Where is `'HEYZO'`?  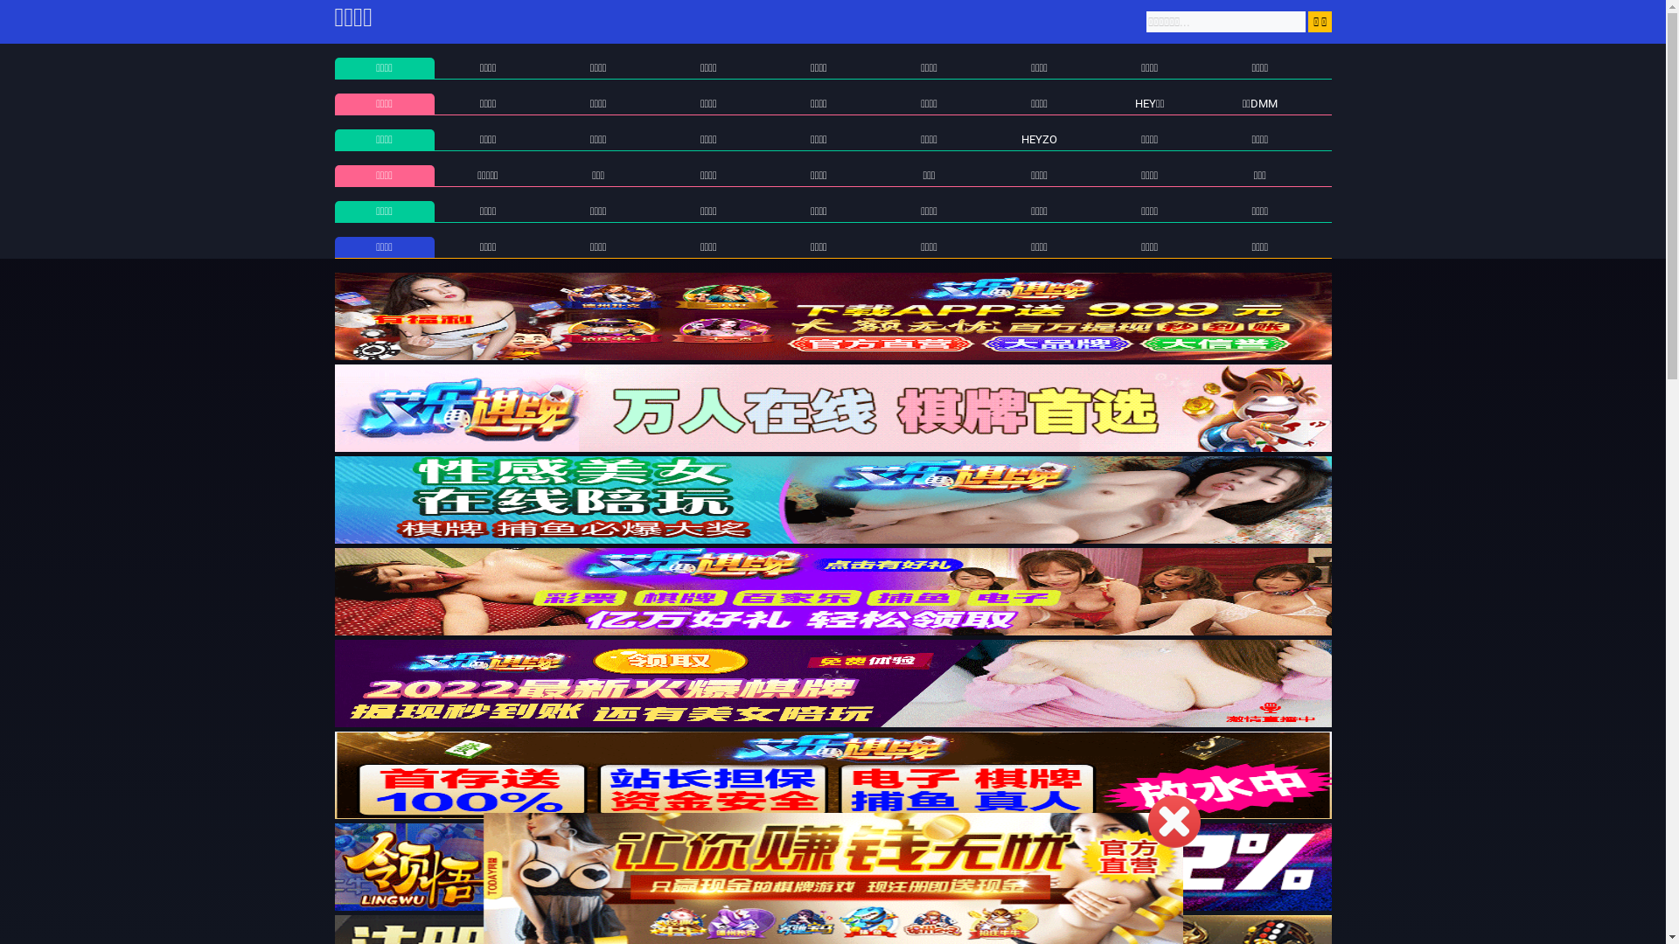 'HEYZO' is located at coordinates (1039, 138).